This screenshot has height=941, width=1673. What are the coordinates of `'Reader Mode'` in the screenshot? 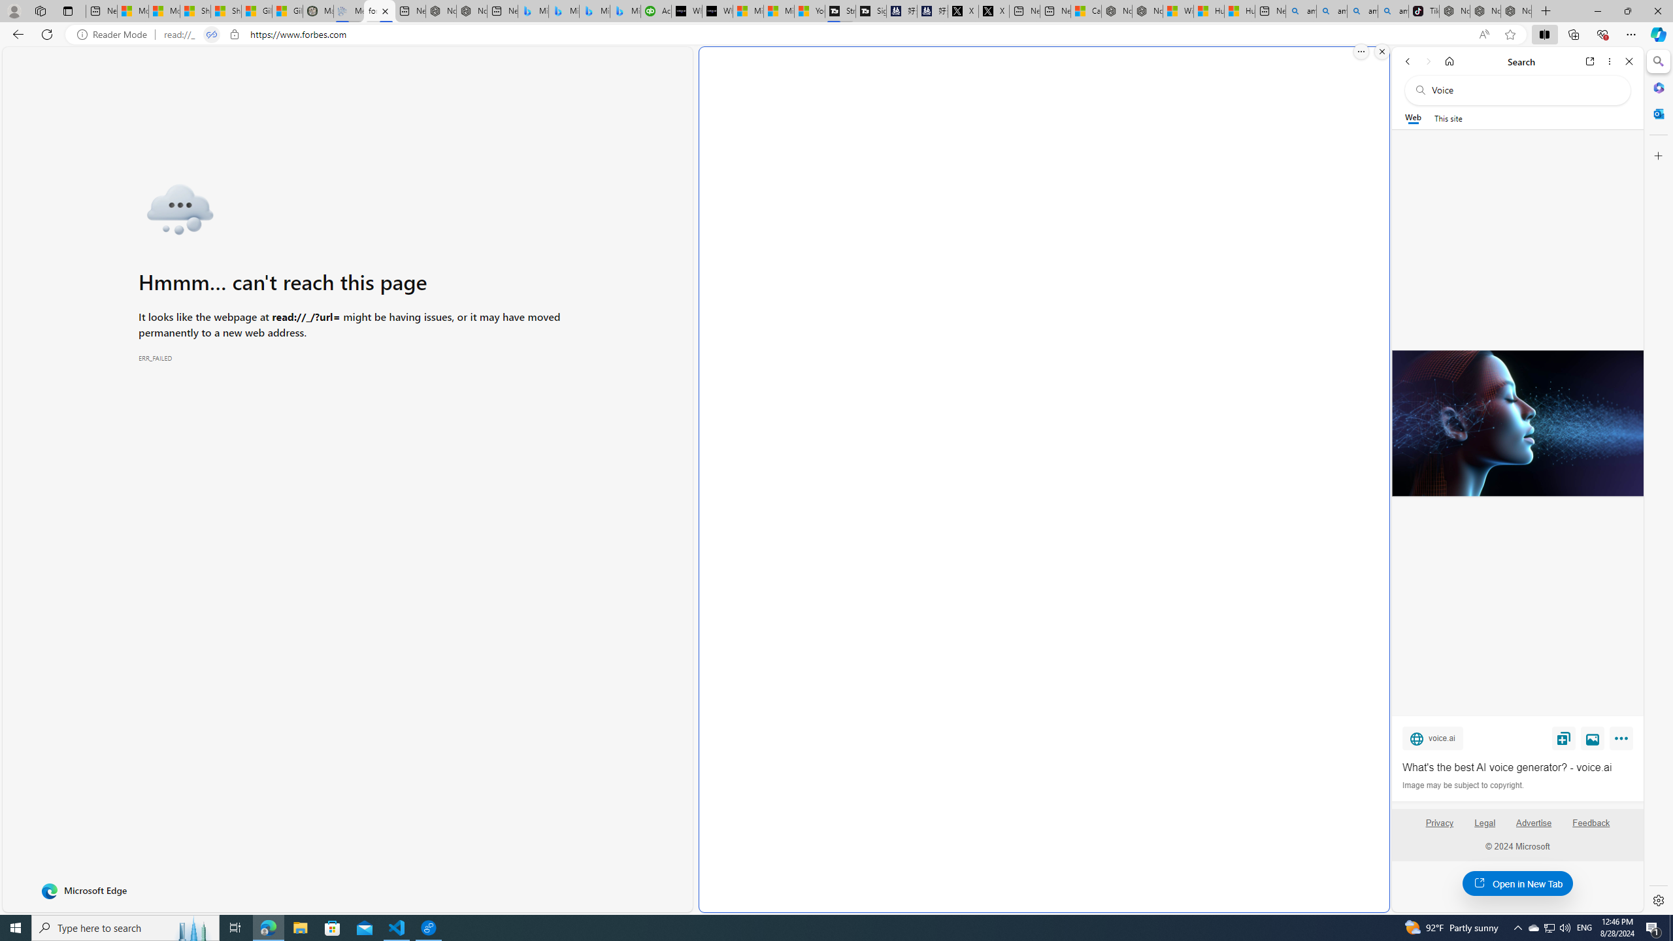 It's located at (114, 35).